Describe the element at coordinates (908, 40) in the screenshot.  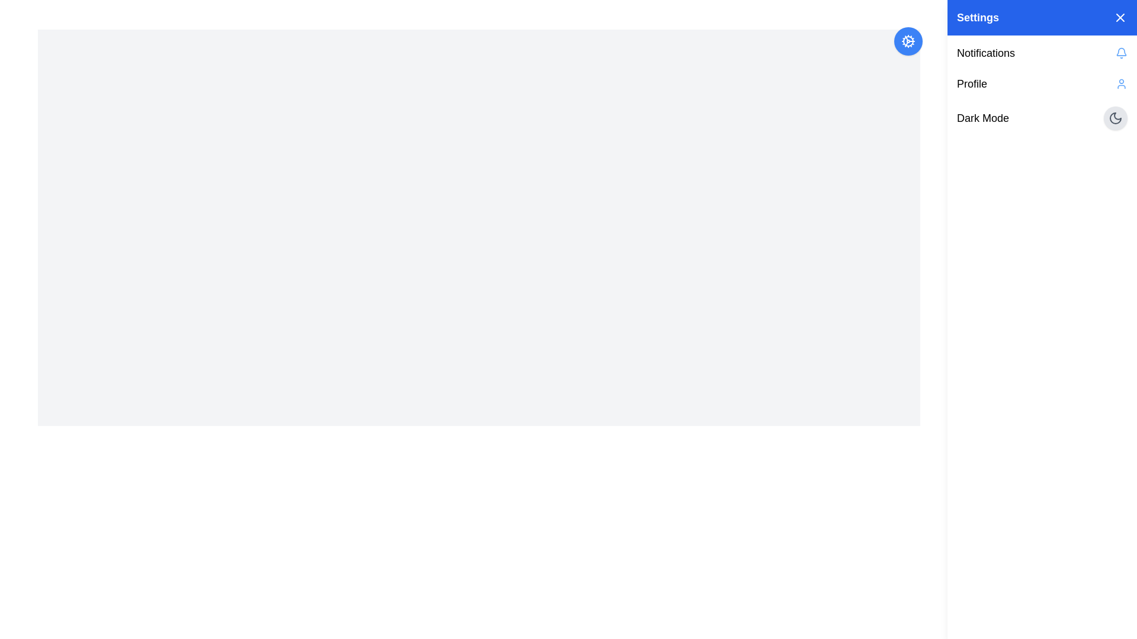
I see `the cogwheel icon located at the top-right corner of the interface to trigger a tooltip` at that location.